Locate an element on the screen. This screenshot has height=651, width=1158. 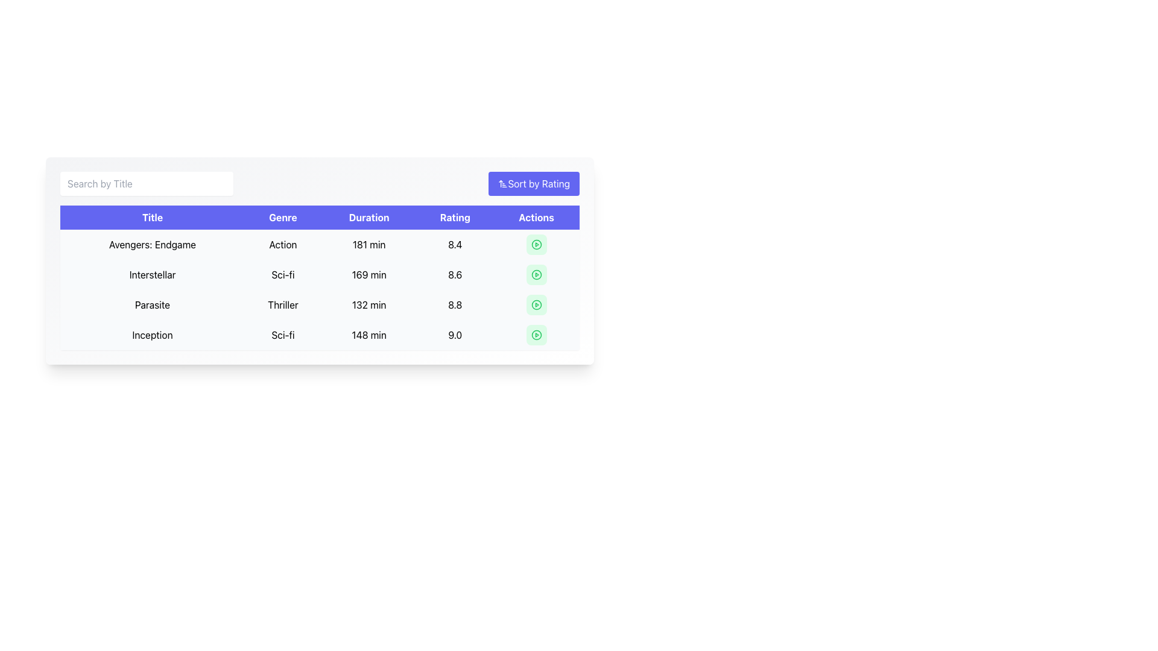
the text label displaying 'Inception' in the first column of the last row of the table is located at coordinates (152, 335).